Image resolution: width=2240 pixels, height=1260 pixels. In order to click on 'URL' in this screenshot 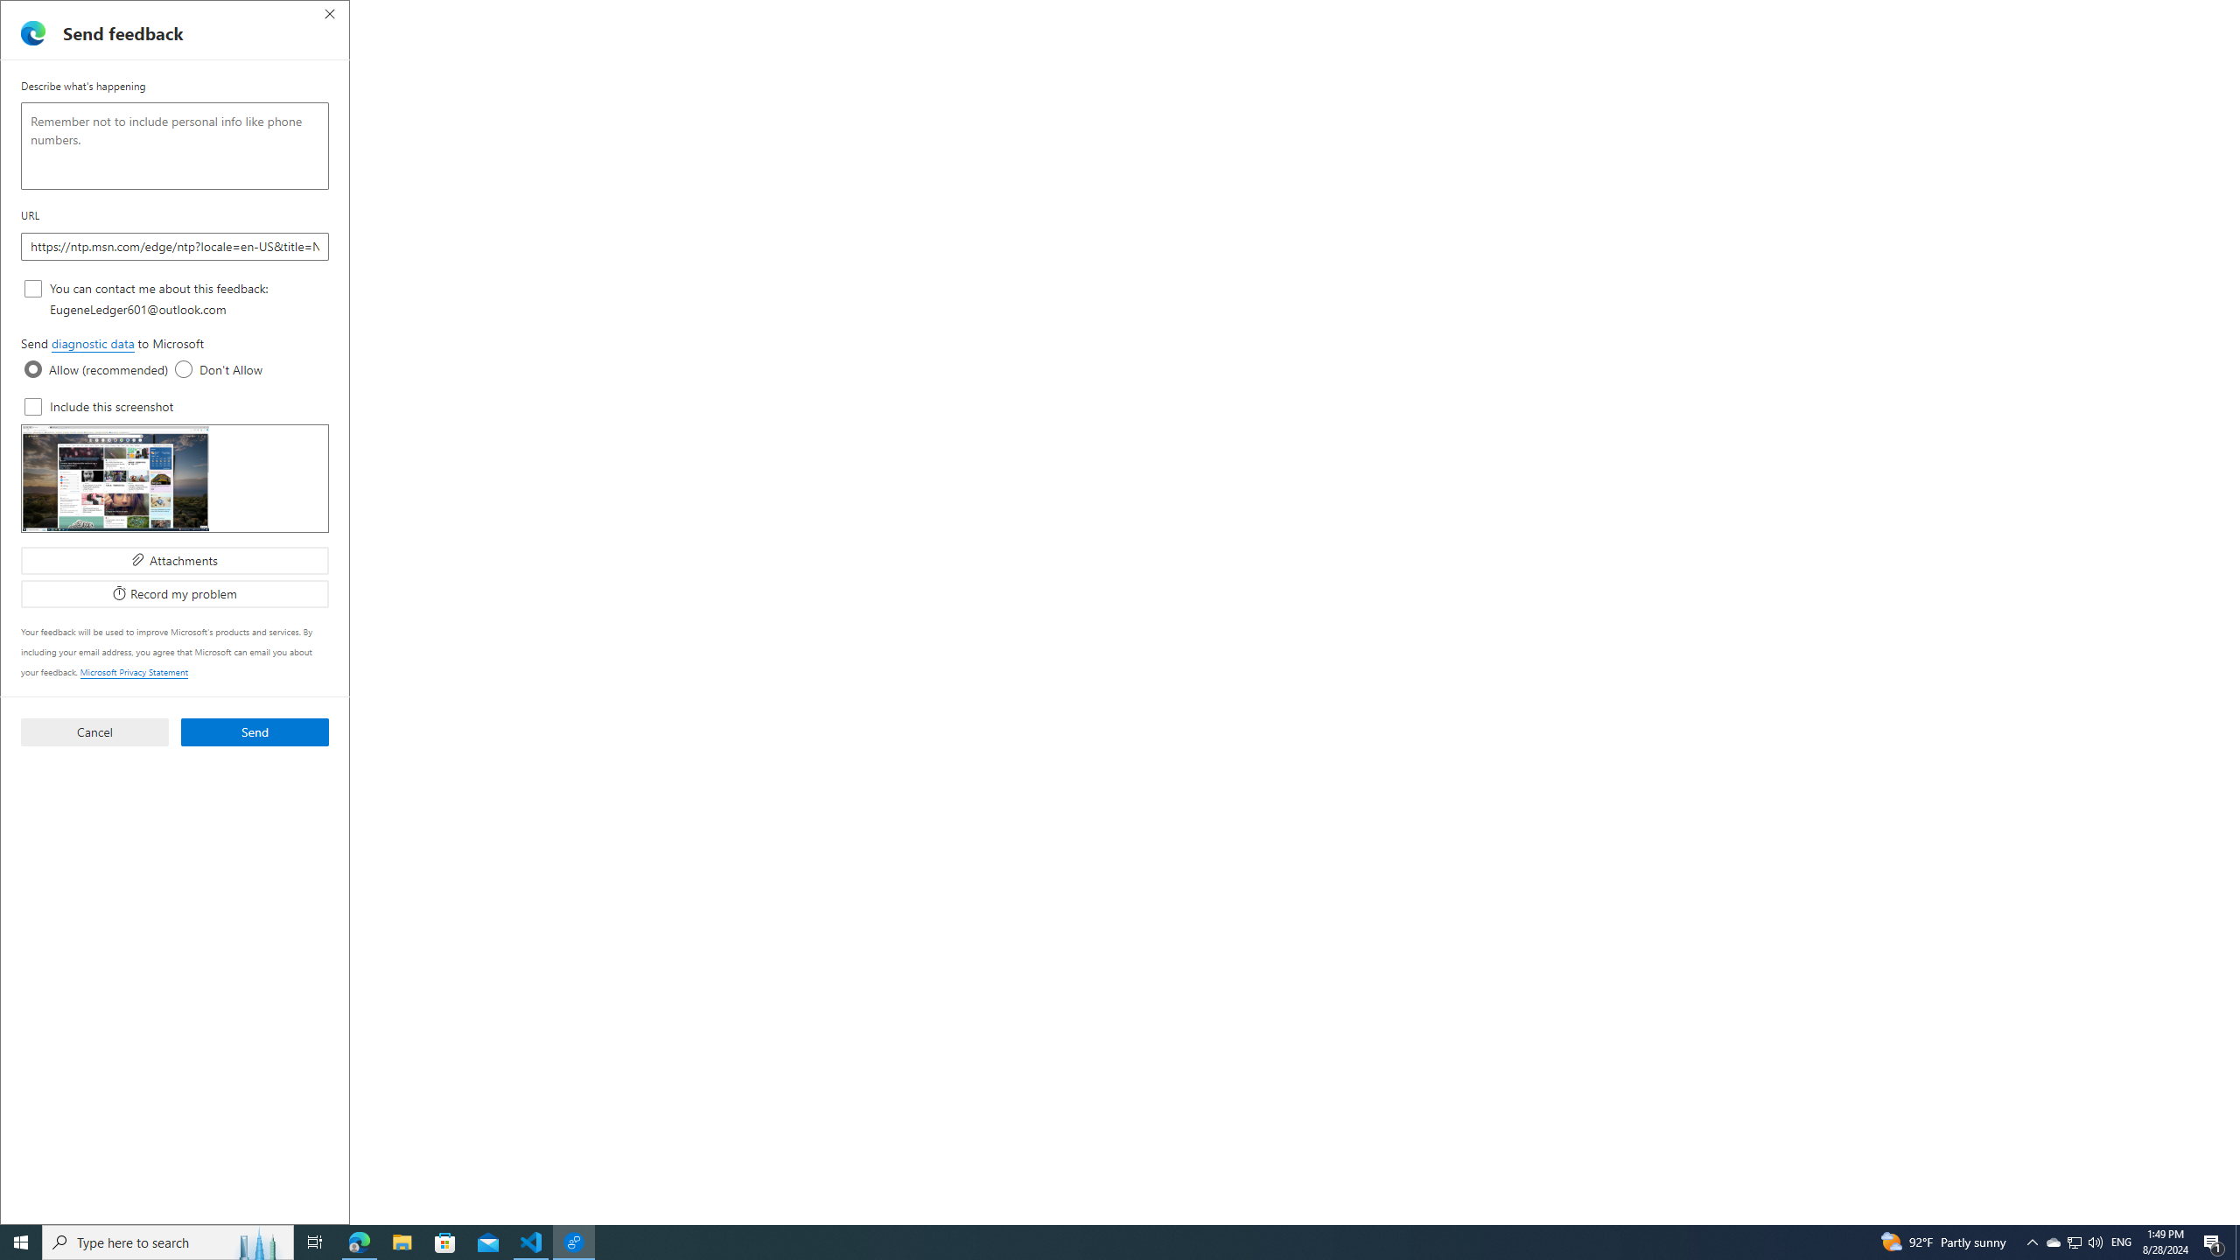, I will do `click(174, 245)`.